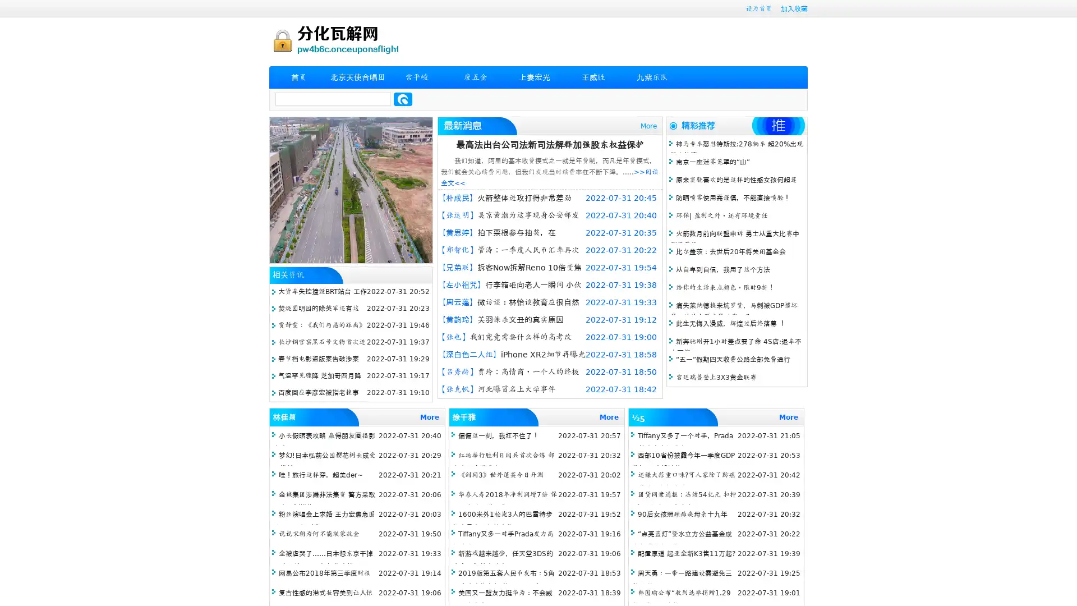 The image size is (1077, 606). Describe the element at coordinates (403, 99) in the screenshot. I see `Search` at that location.